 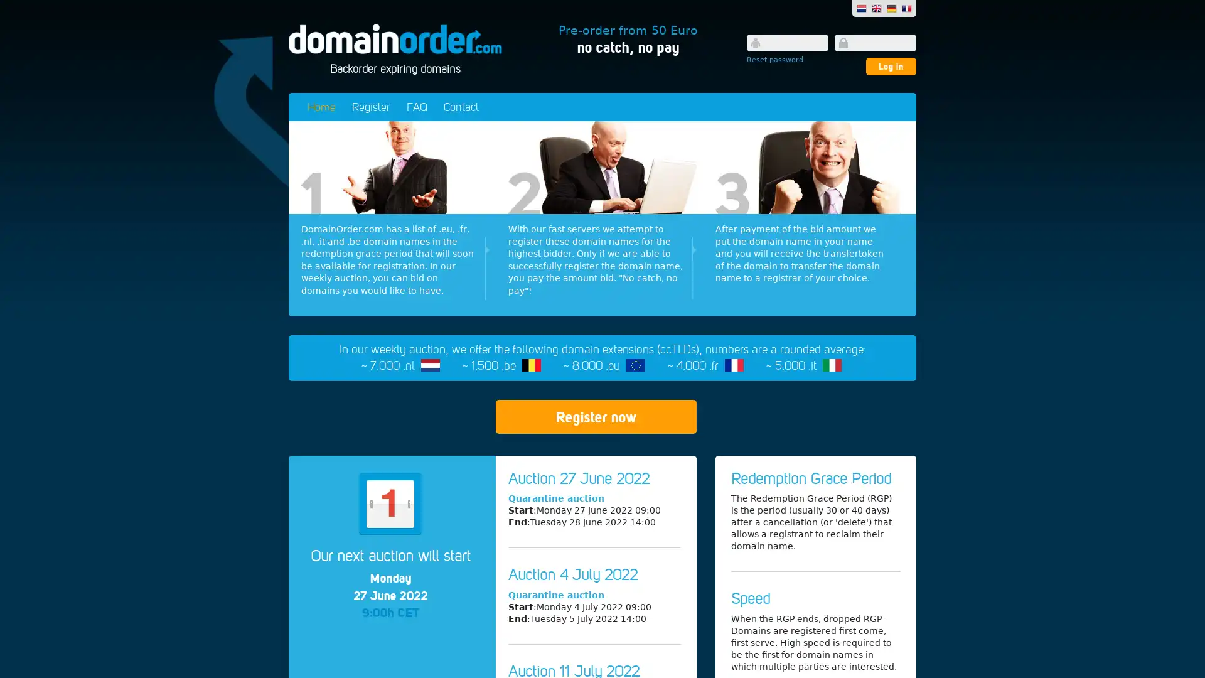 I want to click on Log in, so click(x=891, y=66).